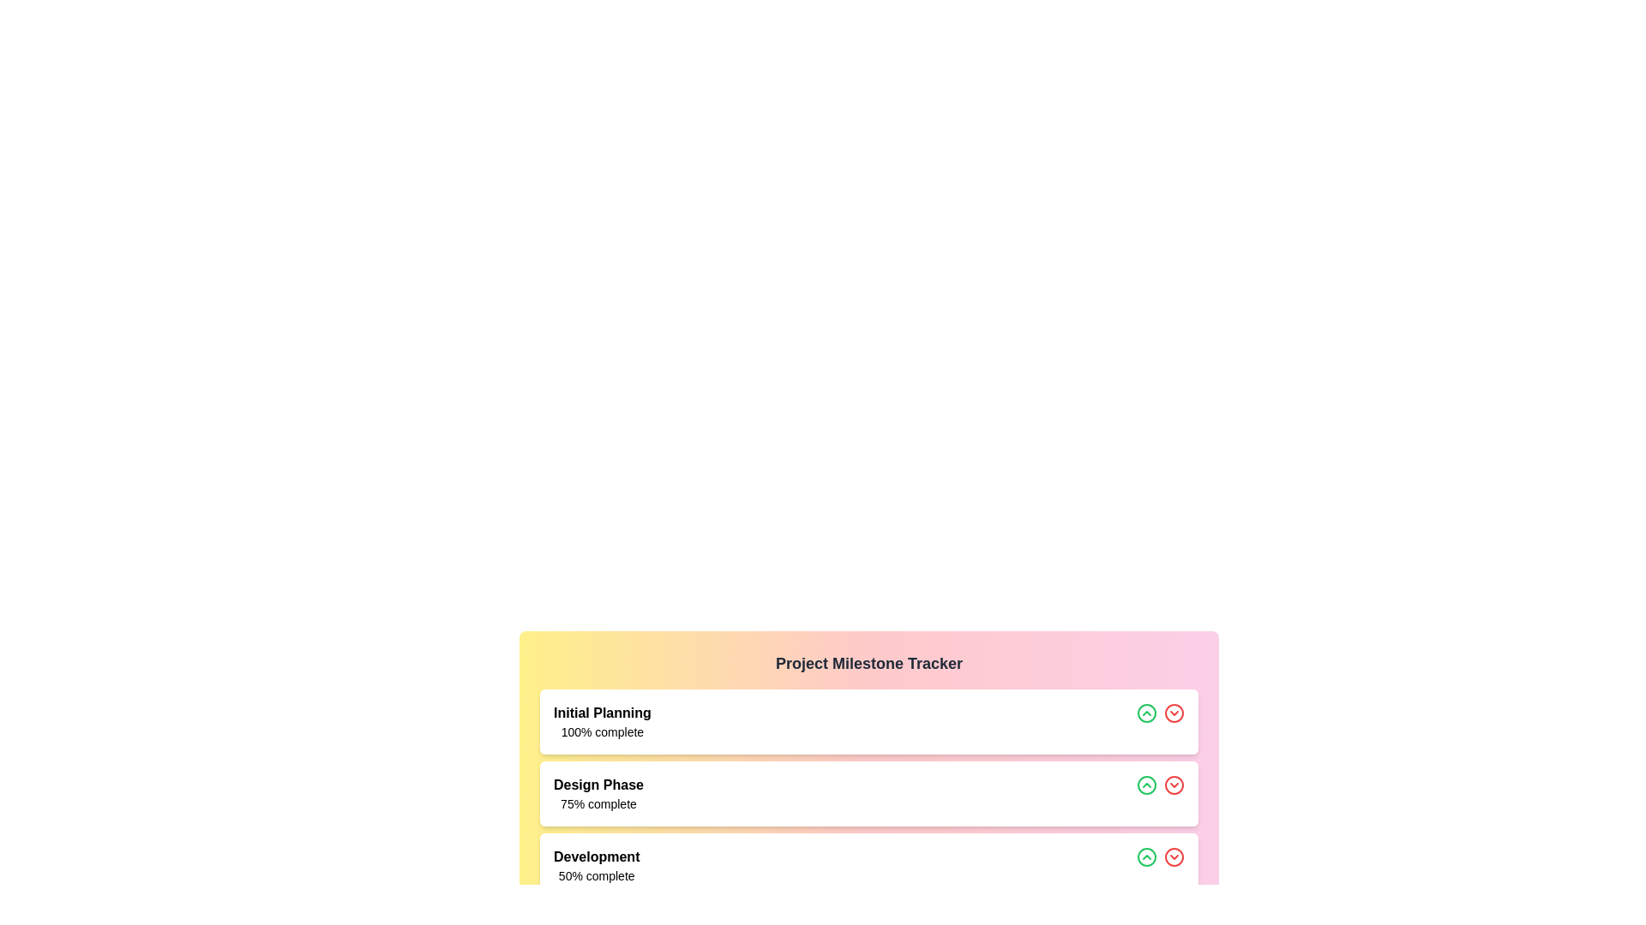 This screenshot has width=1646, height=925. Describe the element at coordinates (598, 785) in the screenshot. I see `the 'Design Phase' static text label in the project milestone tracker, which is positioned below 'Initial Planning' and above 'Development'` at that location.